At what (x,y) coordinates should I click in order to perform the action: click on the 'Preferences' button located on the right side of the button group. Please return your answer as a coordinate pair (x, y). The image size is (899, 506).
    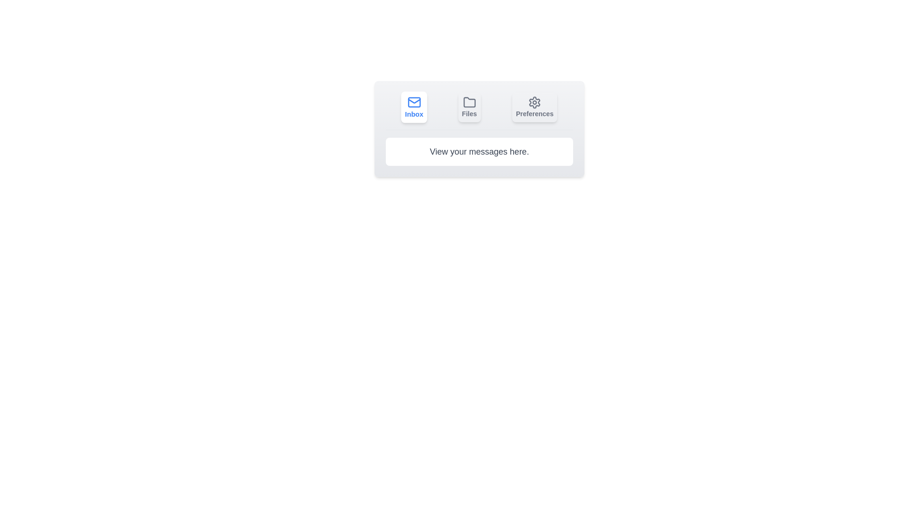
    Looking at the image, I should click on (535, 106).